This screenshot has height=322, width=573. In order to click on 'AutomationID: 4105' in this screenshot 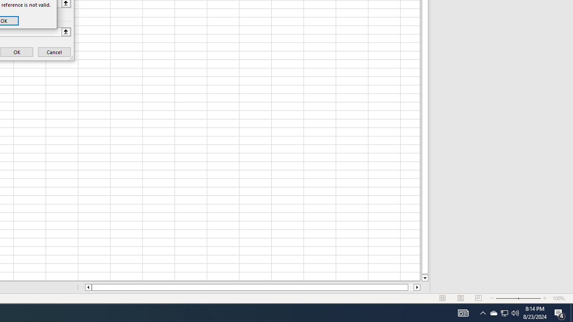, I will do `click(463, 312)`.